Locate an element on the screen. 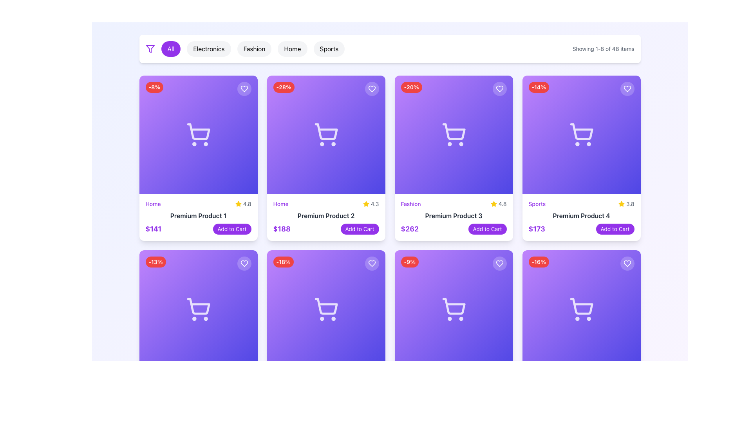 The image size is (752, 423). the central cart icon in the fourth product card of the top row, which symbolizes adding the product to the cart is located at coordinates (581, 131).